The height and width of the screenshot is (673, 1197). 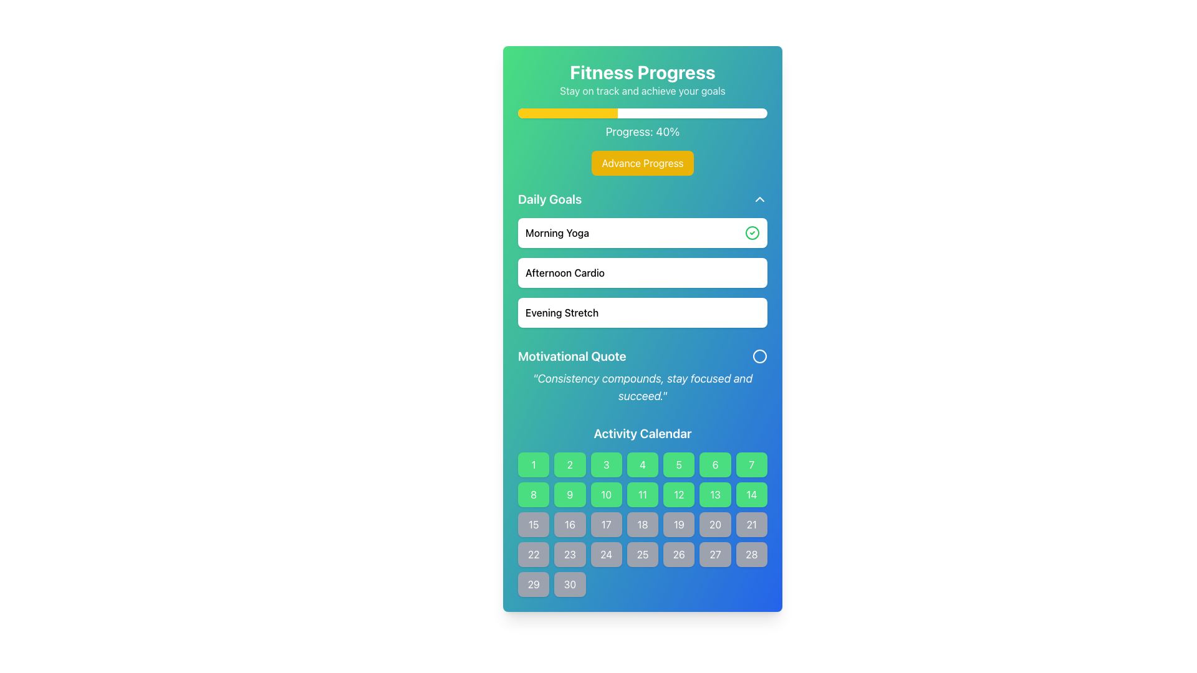 I want to click on the non-interactive button displaying the number '24' in a calendar grid layout, so click(x=606, y=554).